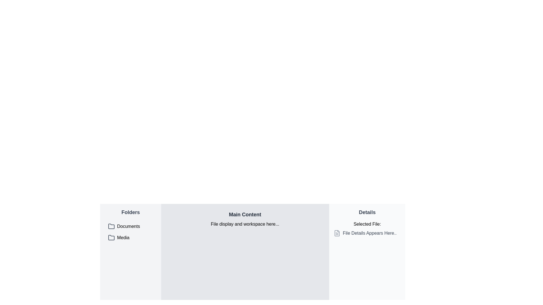 The image size is (543, 305). What do you see at coordinates (111, 237) in the screenshot?
I see `the folder icon representing 'Media' located in the list view under the 'Folders' section` at bounding box center [111, 237].